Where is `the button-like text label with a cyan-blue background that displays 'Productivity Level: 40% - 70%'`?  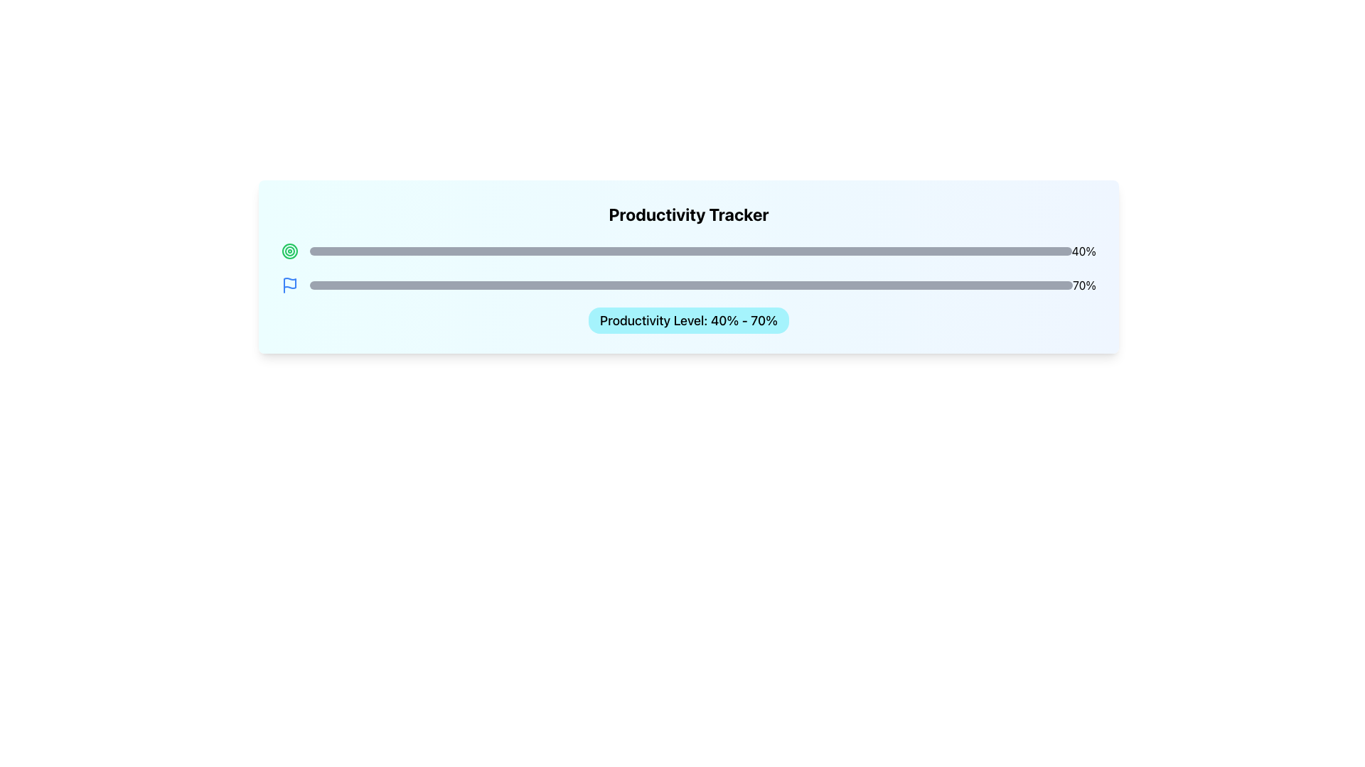 the button-like text label with a cyan-blue background that displays 'Productivity Level: 40% - 70%' is located at coordinates (689, 320).